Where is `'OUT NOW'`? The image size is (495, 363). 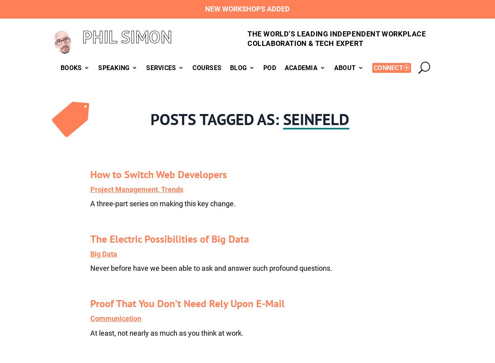
'OUT NOW' is located at coordinates (120, 92).